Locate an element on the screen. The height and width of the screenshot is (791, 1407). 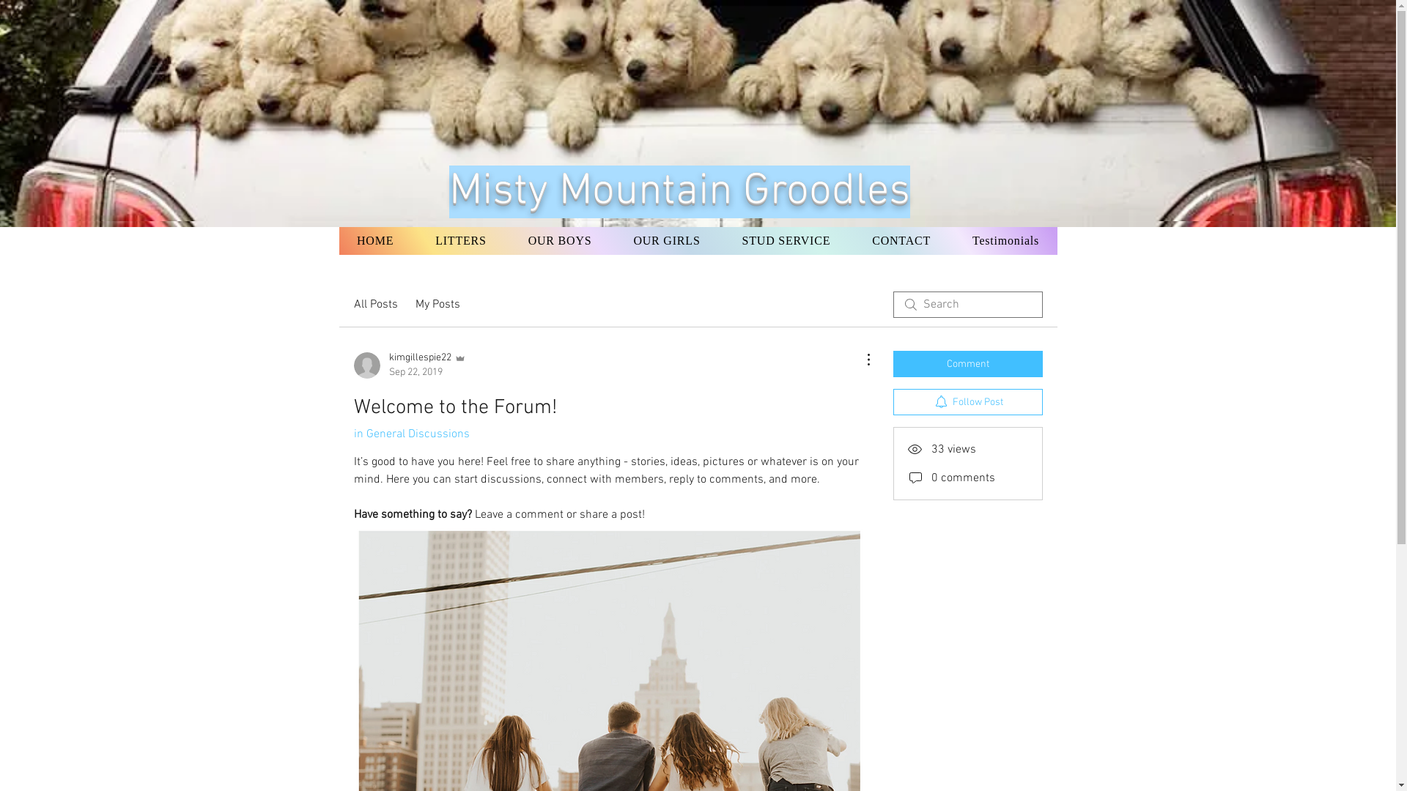
'Follow Post' is located at coordinates (967, 401).